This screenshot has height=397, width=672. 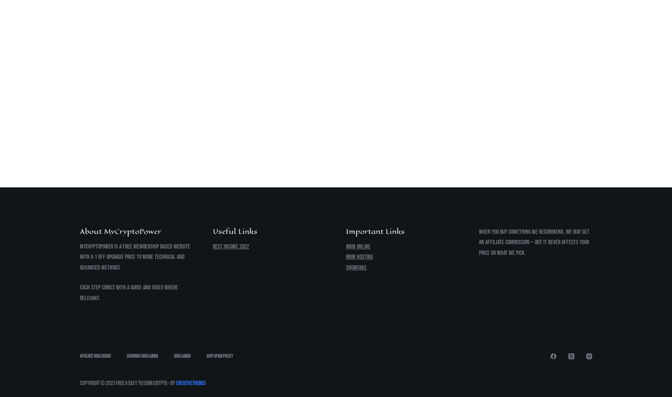 I want to click on 'Useful Links', so click(x=235, y=231).